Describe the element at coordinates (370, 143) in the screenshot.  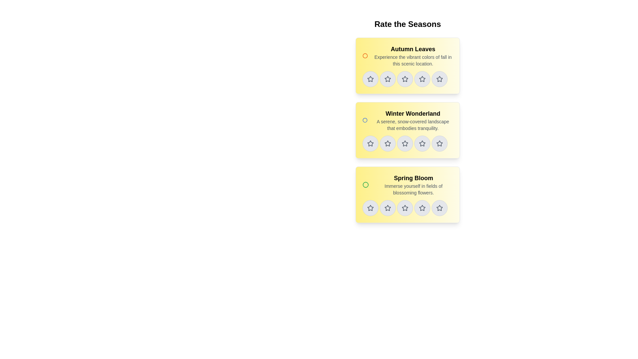
I see `the first rating star icon in the 'Winter Wonderland' section` at that location.